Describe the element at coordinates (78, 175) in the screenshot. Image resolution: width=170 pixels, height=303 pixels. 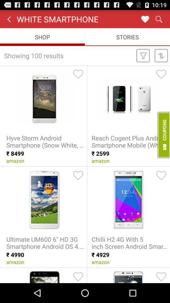
I see `to favorites` at that location.